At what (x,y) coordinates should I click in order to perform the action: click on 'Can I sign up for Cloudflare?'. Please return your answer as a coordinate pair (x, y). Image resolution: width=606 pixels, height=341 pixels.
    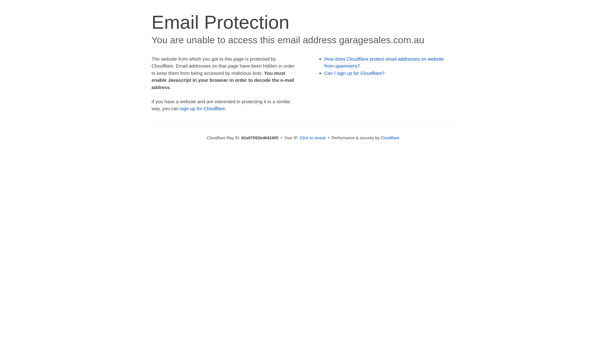
    Looking at the image, I should click on (354, 73).